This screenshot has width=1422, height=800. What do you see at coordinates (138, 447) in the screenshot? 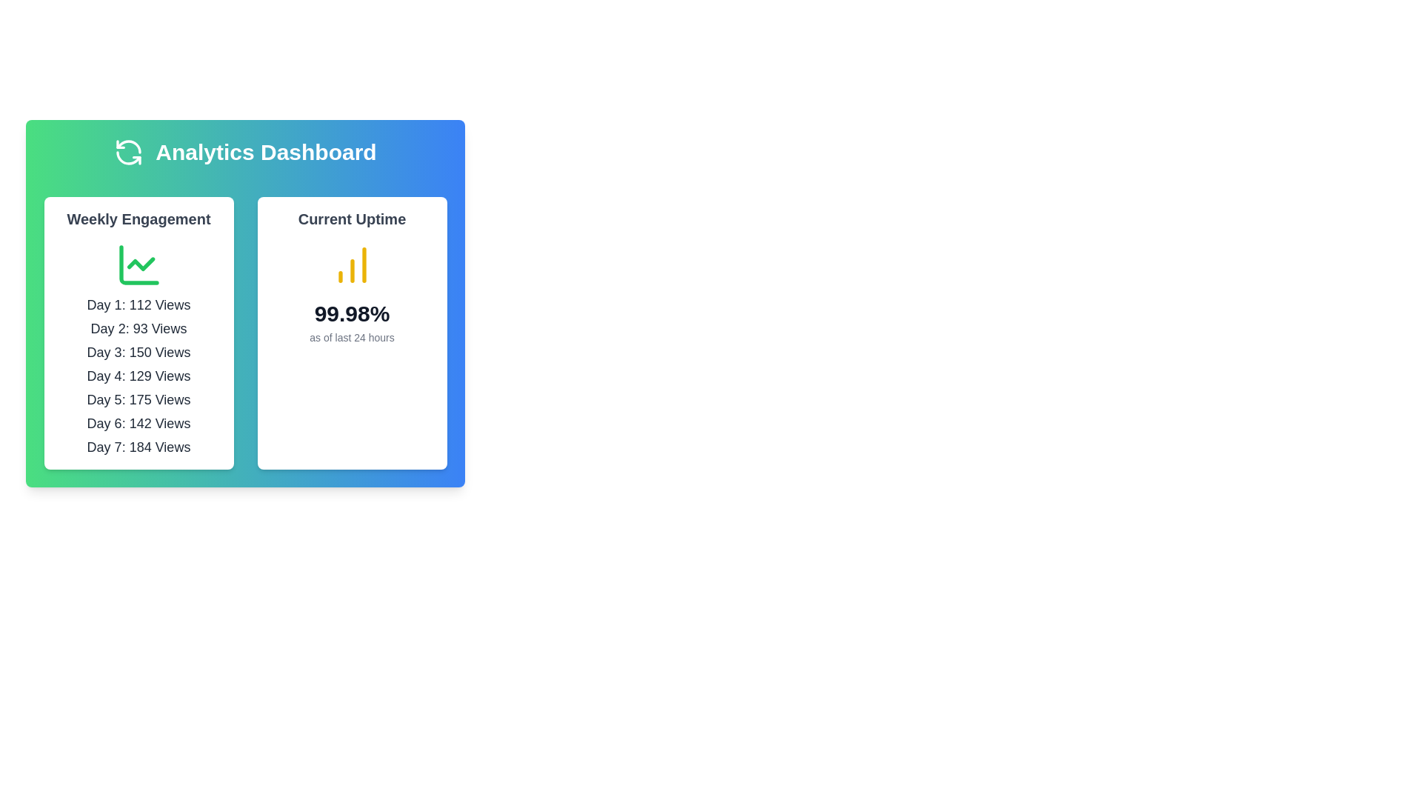
I see `the static text displaying the view count for the seventh day in the weekly statistics overview, located under the 'Weekly Engagement' section` at bounding box center [138, 447].